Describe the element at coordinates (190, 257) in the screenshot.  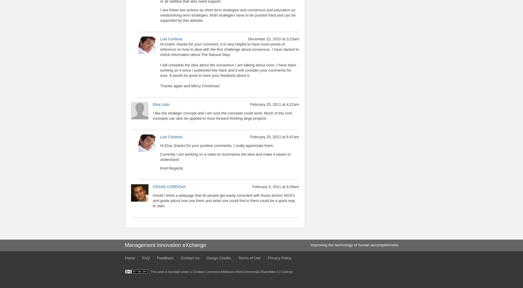
I see `'Contact Us'` at that location.